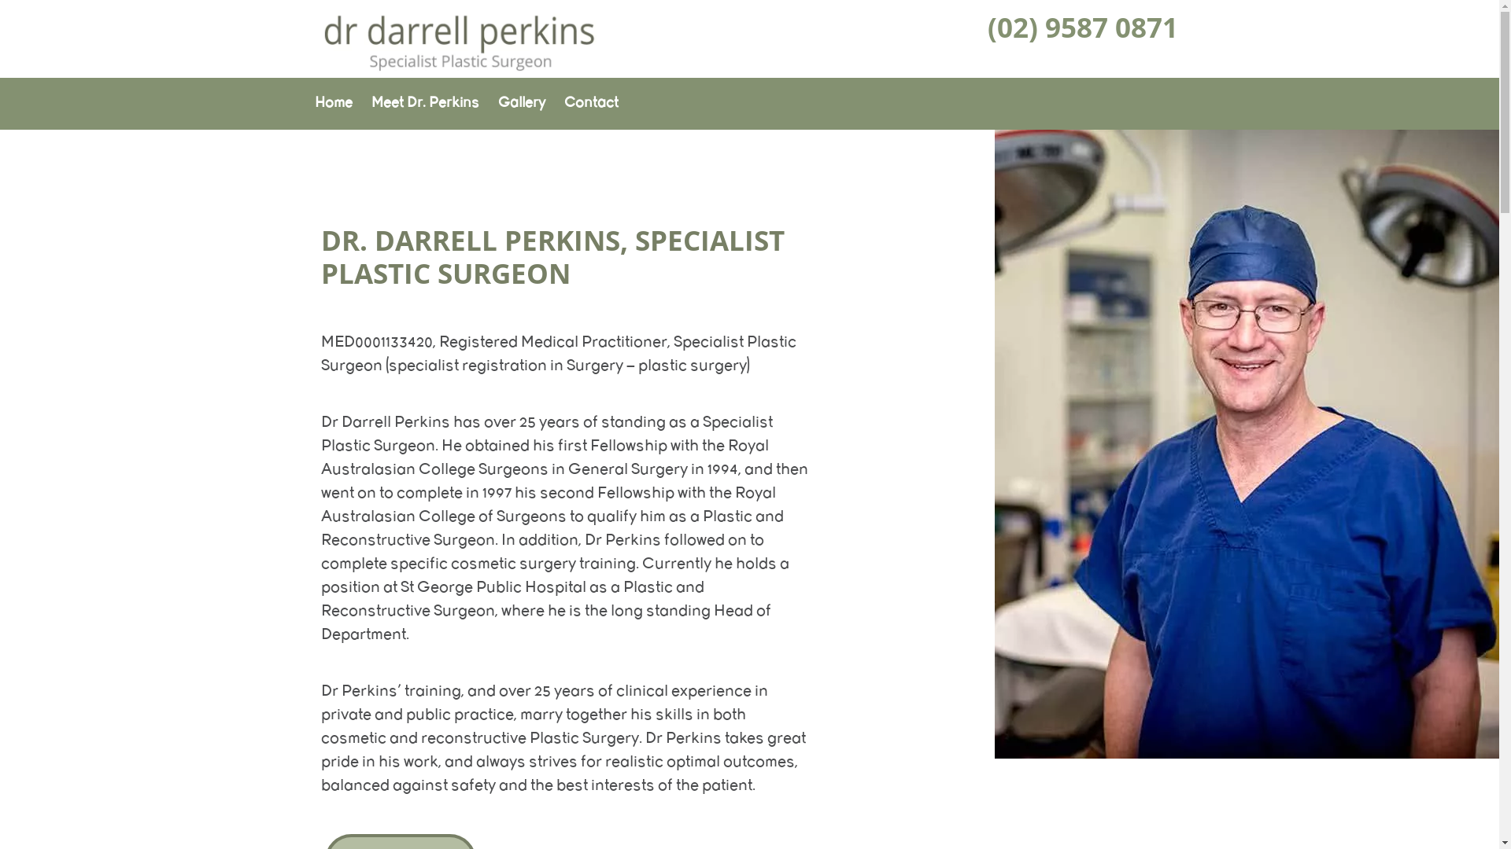  What do you see at coordinates (332, 103) in the screenshot?
I see `'Home'` at bounding box center [332, 103].